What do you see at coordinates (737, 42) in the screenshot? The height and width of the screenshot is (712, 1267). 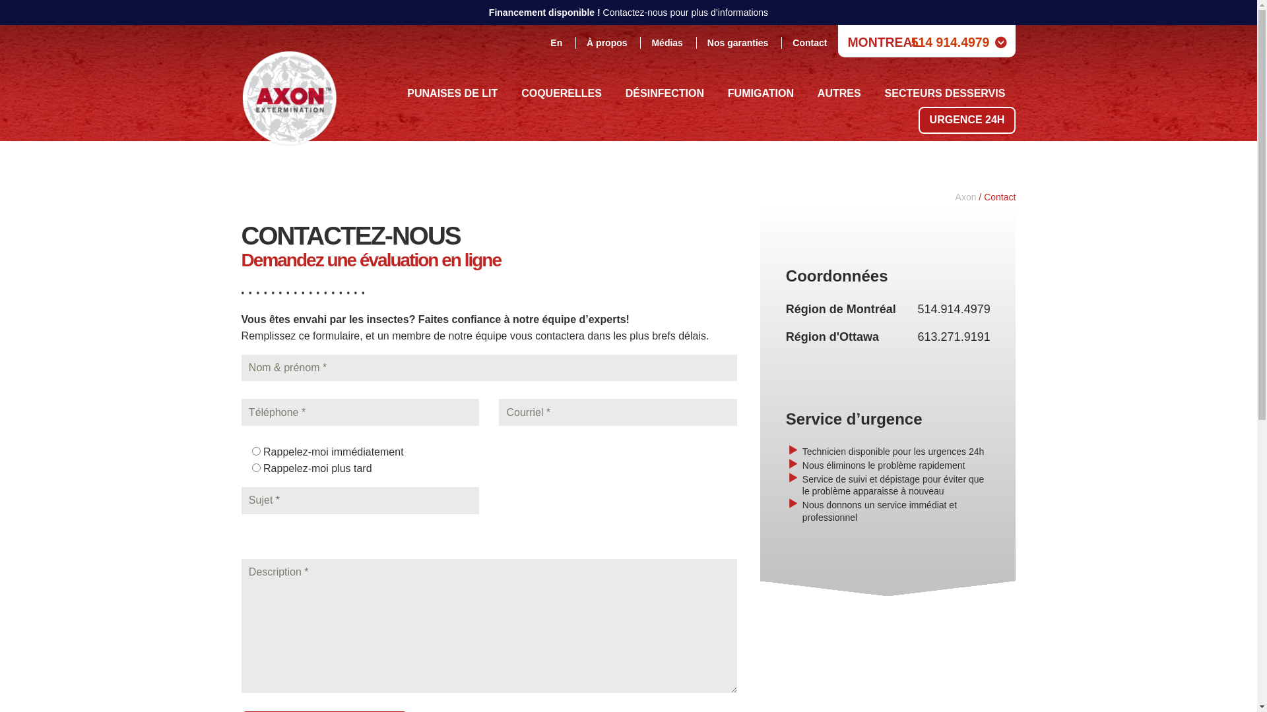 I see `'Nos garanties'` at bounding box center [737, 42].